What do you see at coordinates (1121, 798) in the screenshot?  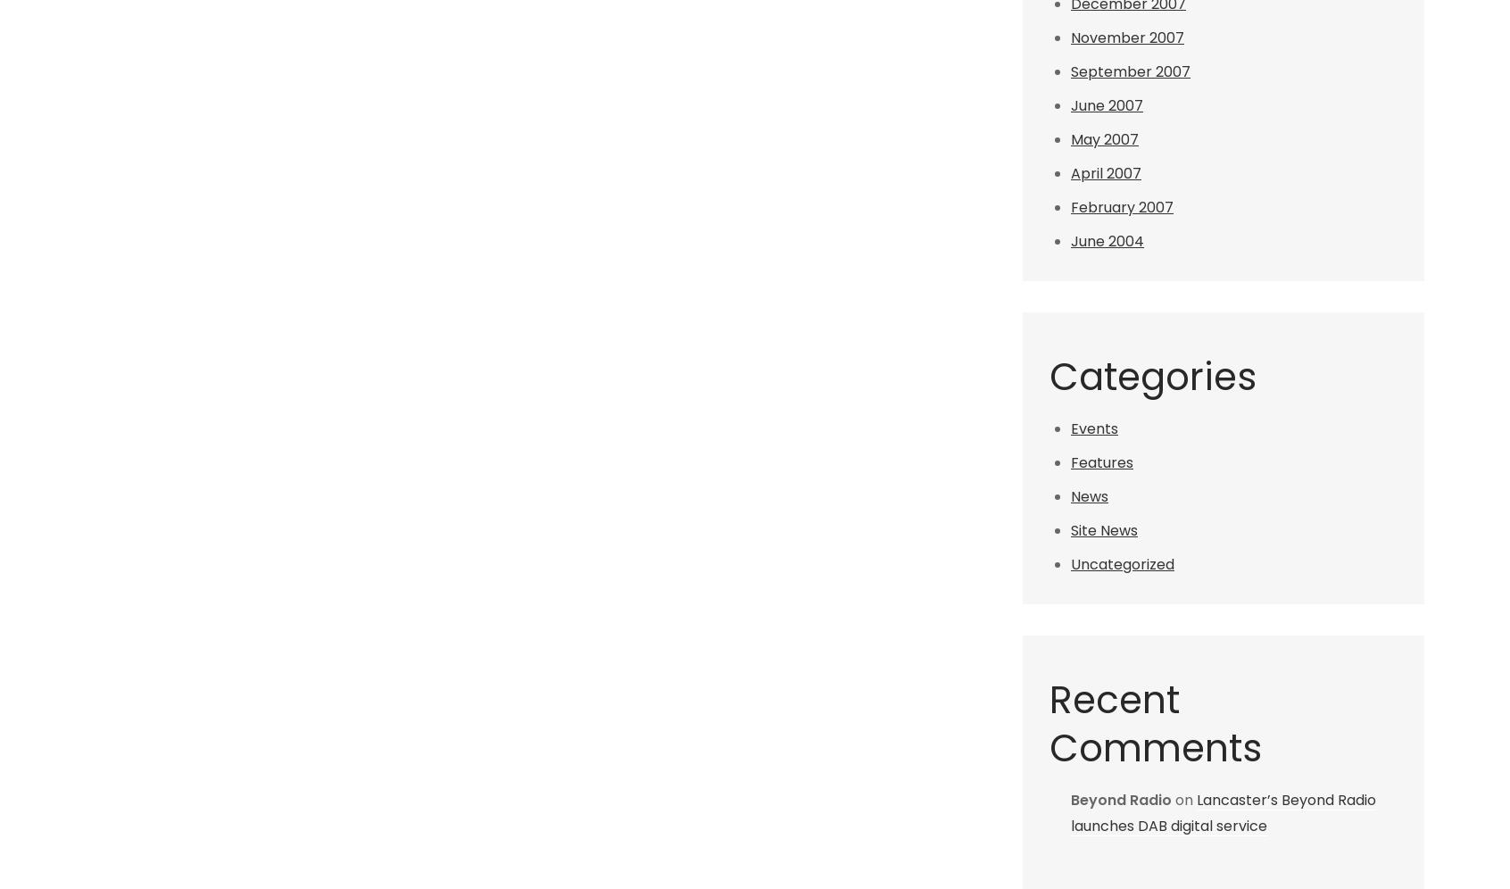 I see `'Beyond Radio'` at bounding box center [1121, 798].